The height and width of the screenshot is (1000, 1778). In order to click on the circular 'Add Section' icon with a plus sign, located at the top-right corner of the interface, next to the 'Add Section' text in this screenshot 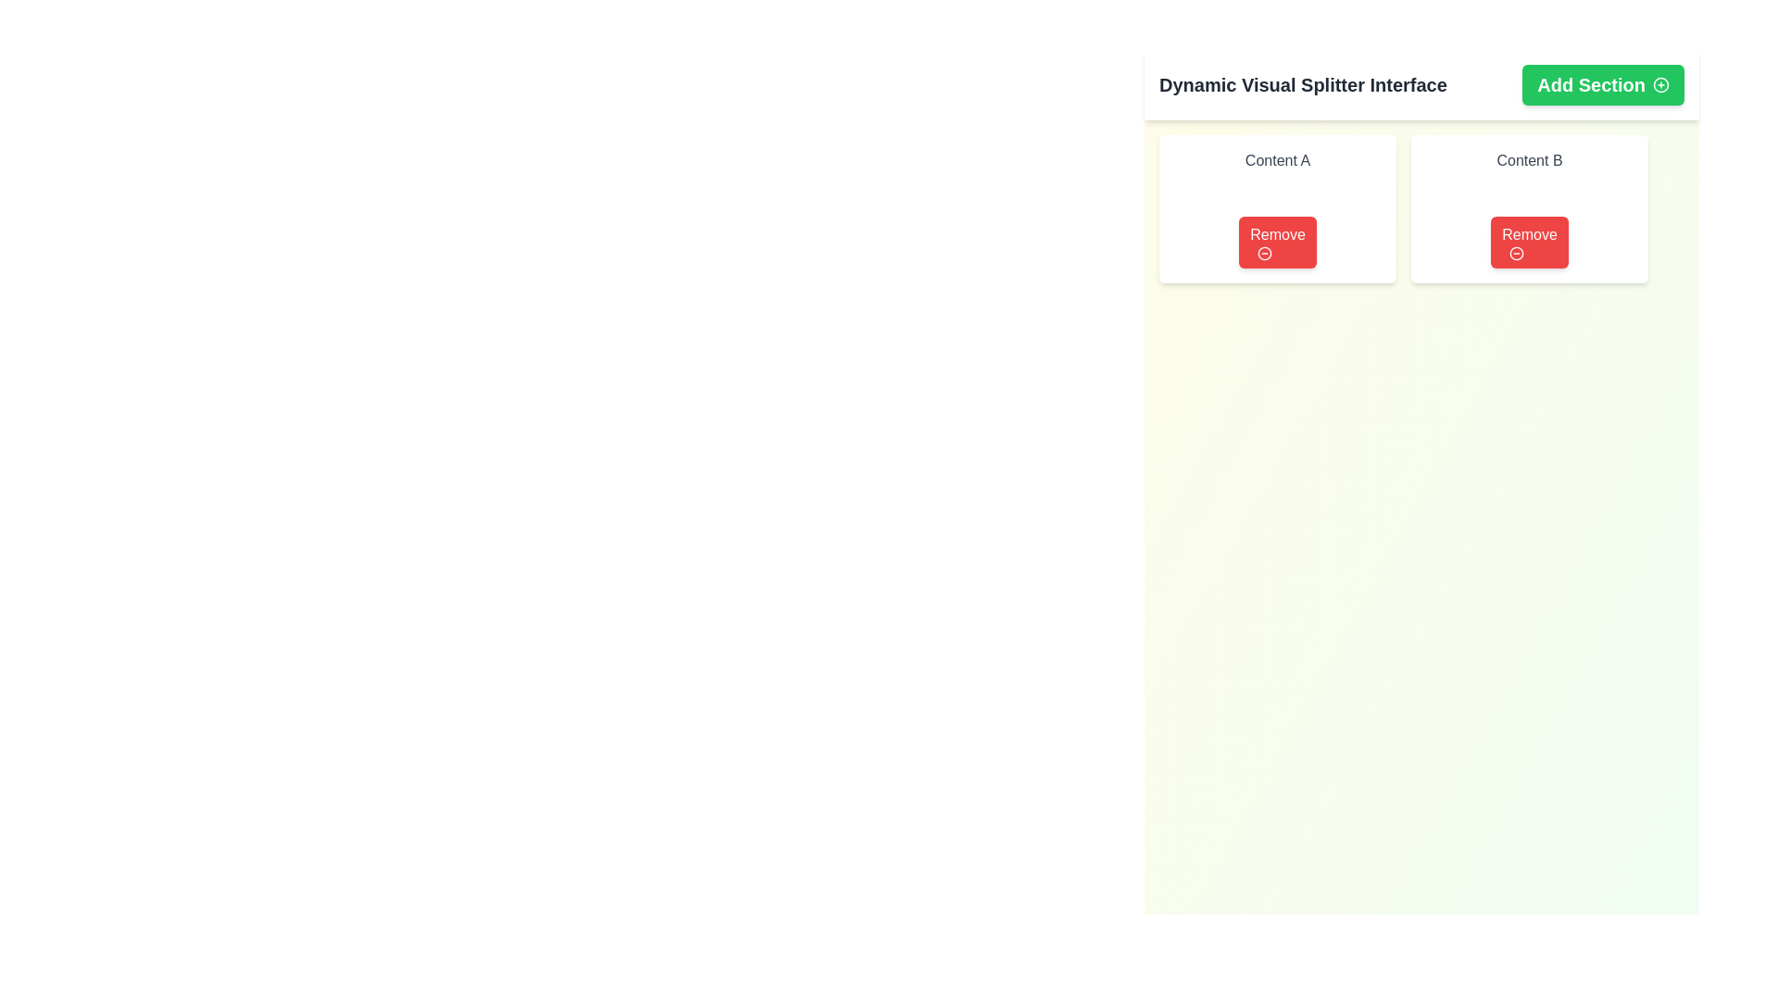, I will do `click(1661, 85)`.